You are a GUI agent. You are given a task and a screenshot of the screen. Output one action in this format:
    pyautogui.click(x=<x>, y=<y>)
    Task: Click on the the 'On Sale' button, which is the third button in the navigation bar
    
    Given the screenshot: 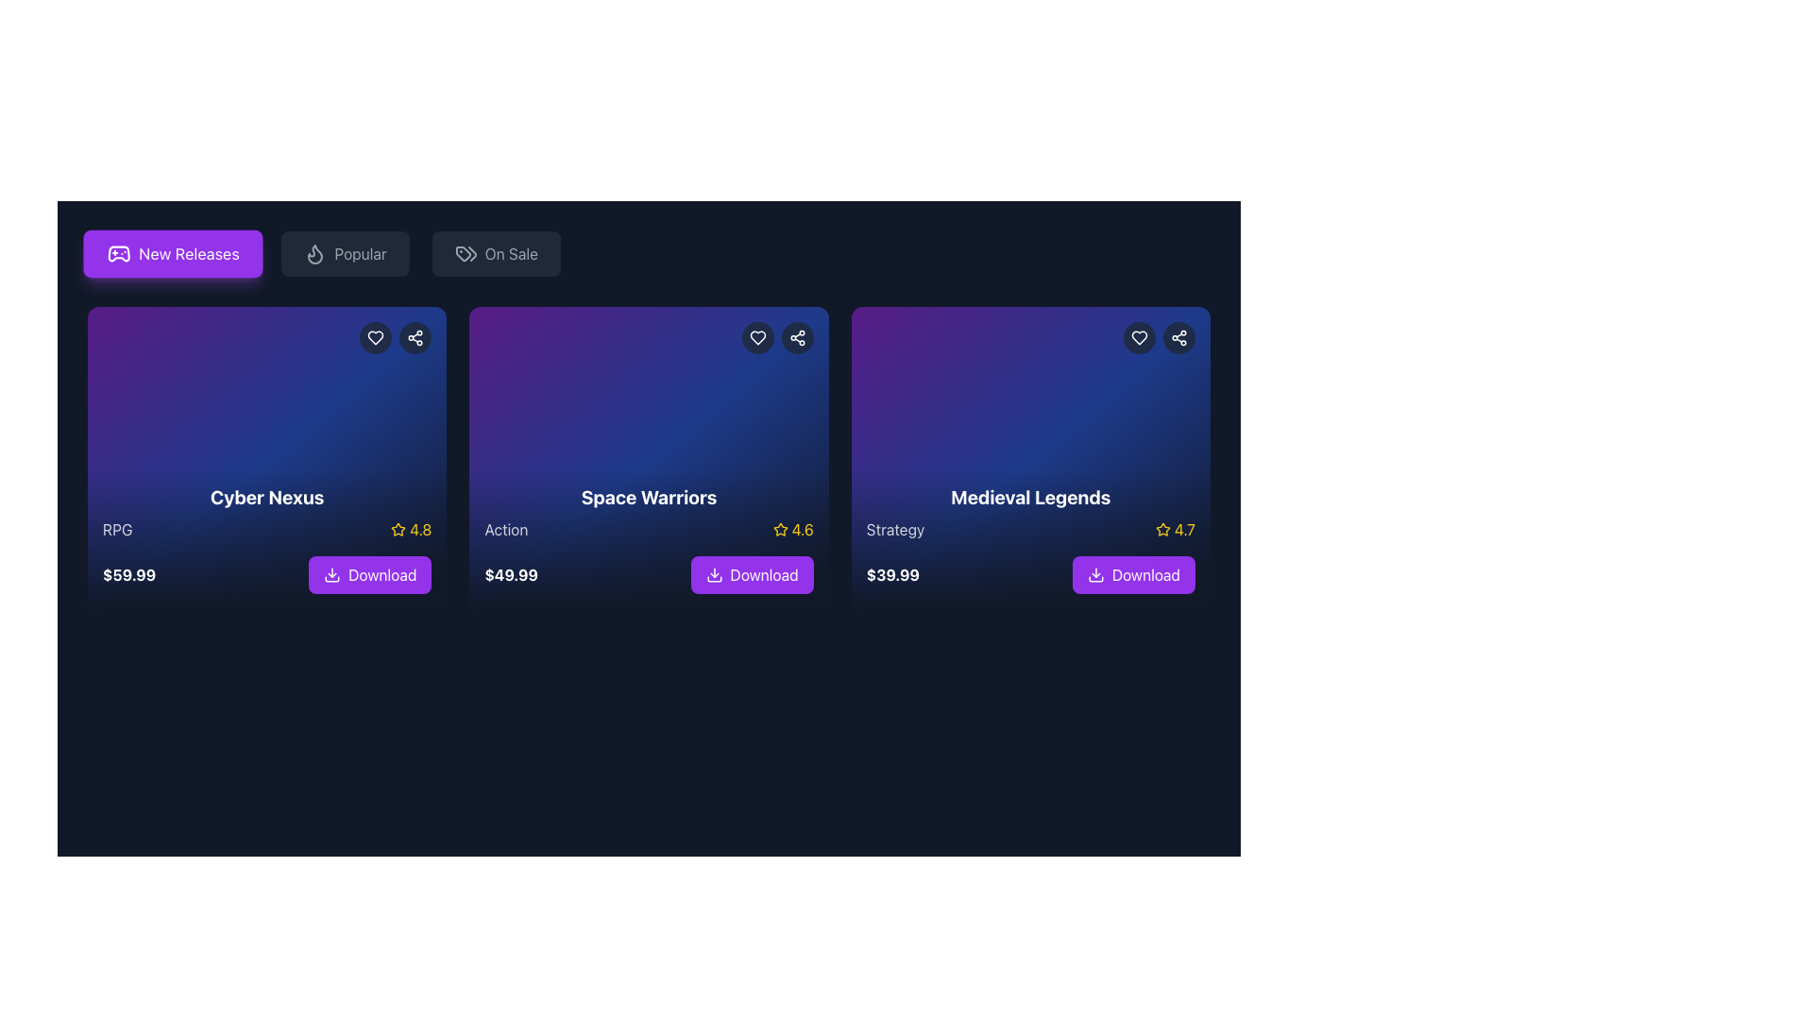 What is the action you would take?
    pyautogui.click(x=496, y=253)
    